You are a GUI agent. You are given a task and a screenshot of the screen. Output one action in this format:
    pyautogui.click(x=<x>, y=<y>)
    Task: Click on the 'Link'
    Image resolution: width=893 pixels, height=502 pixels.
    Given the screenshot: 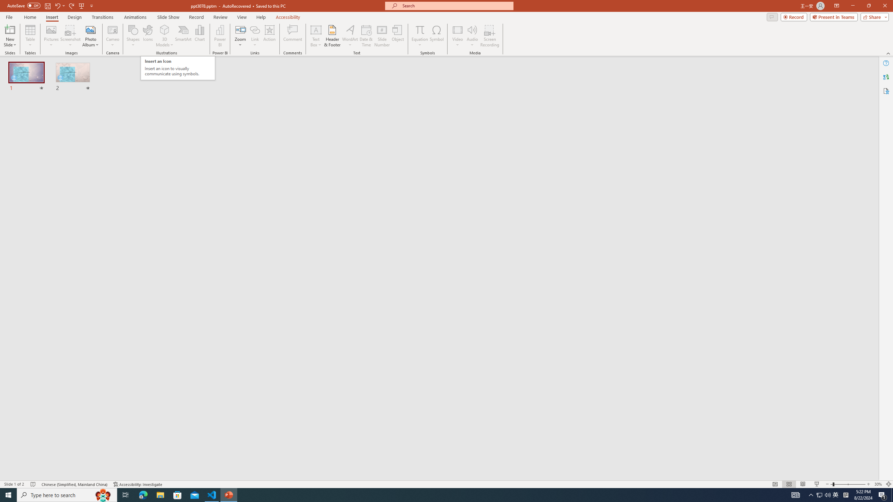 What is the action you would take?
    pyautogui.click(x=254, y=29)
    